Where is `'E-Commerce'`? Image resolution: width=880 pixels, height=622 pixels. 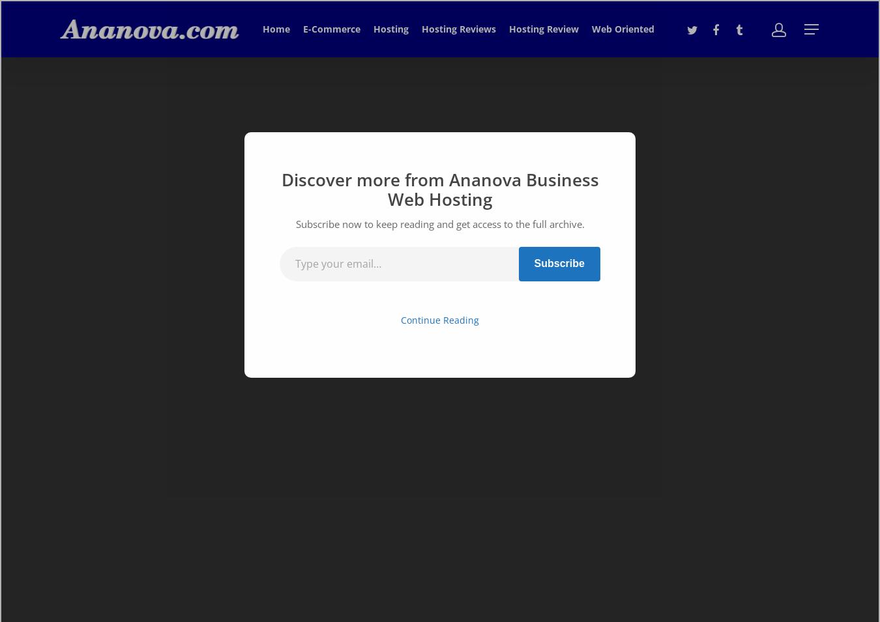 'E-Commerce' is located at coordinates (330, 28).